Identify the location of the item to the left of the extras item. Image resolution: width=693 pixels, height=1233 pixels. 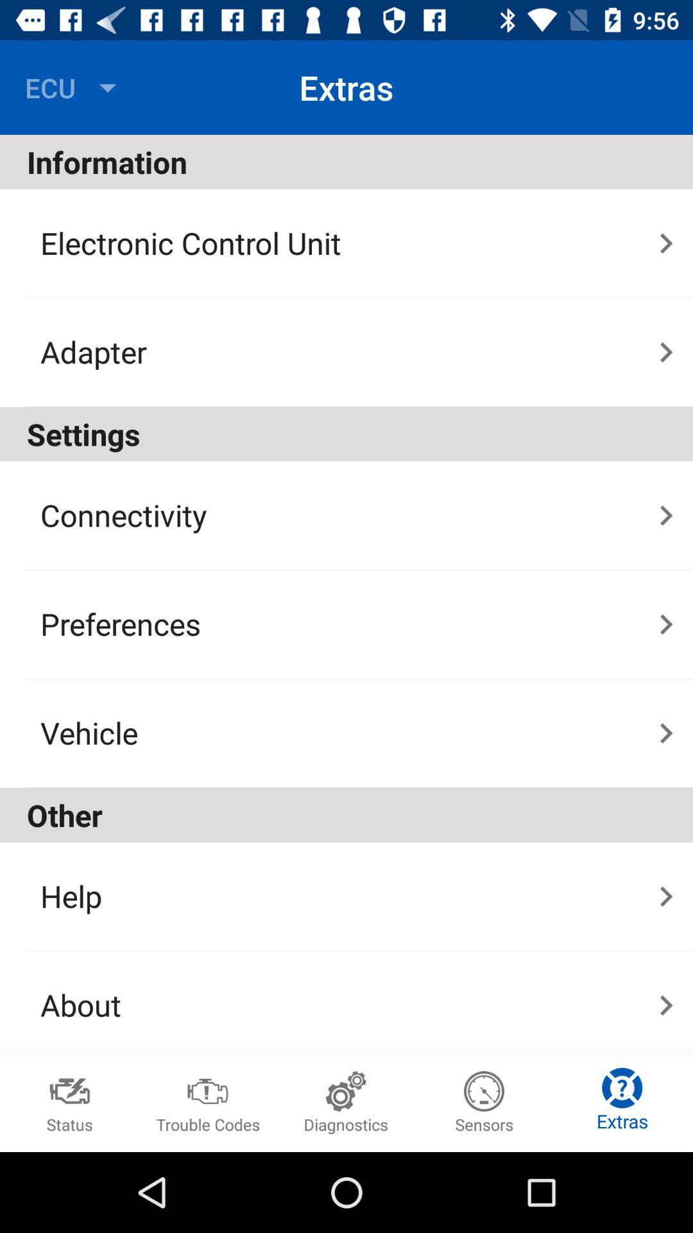
(74, 87).